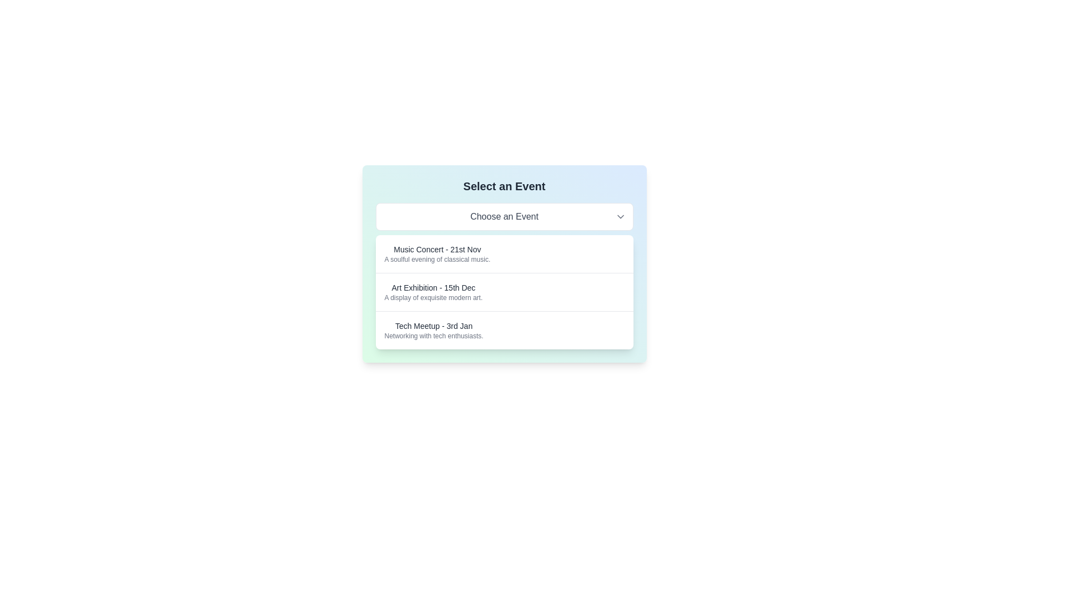 The width and height of the screenshot is (1066, 599). I want to click on text element displaying 'Networking with tech enthusiasts.' which is located below the title 'Tech Meetup - 3rd Jan' in the rightmost column of the dropdown menu, so click(433, 335).